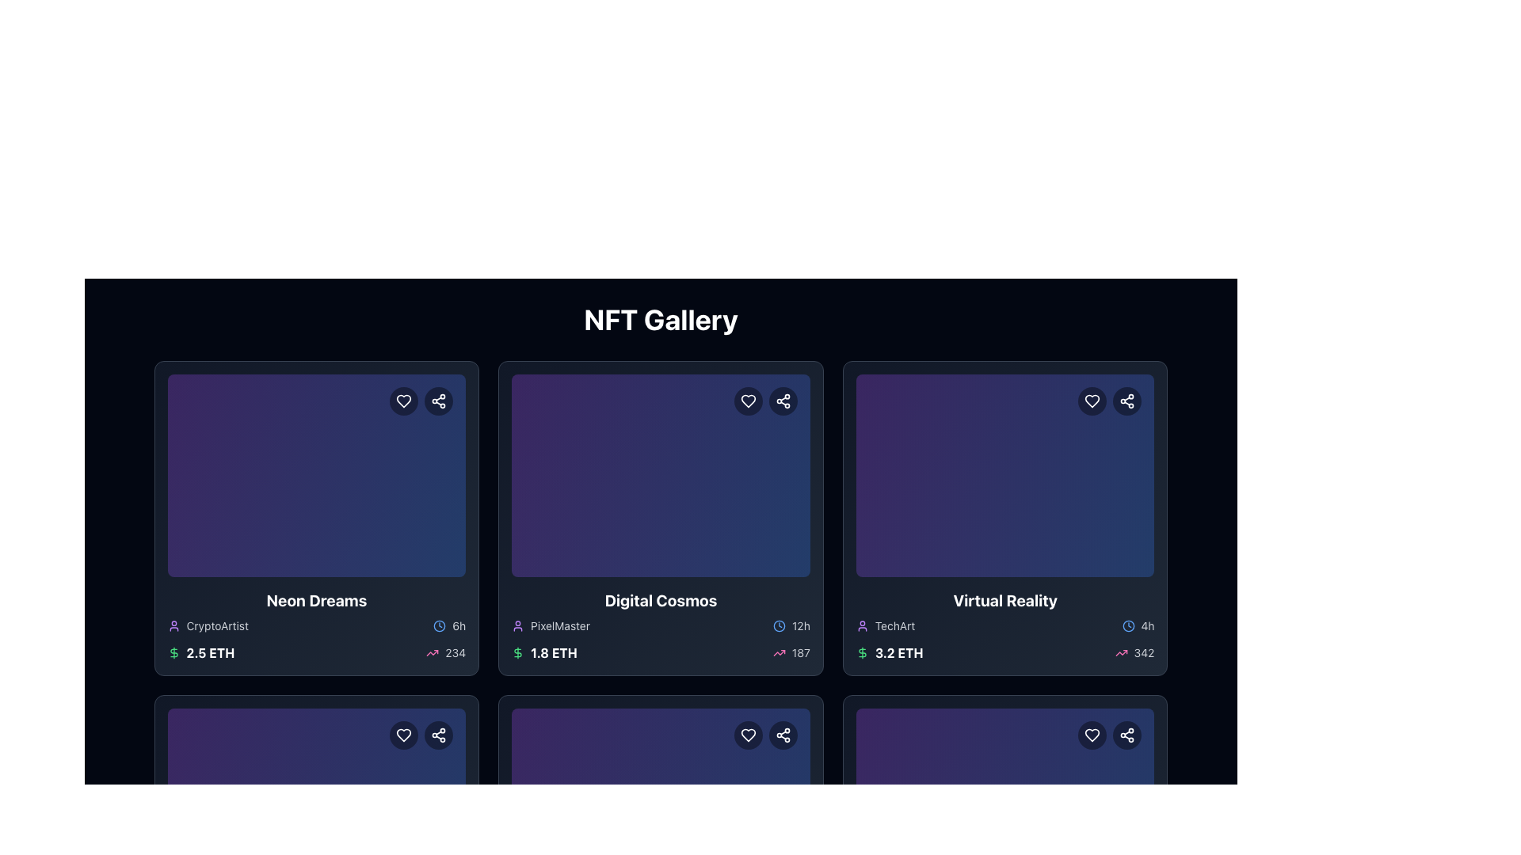  Describe the element at coordinates (1092, 735) in the screenshot. I see `the favorite icon button in the top right corner of the 'Virtual Reality' card` at that location.